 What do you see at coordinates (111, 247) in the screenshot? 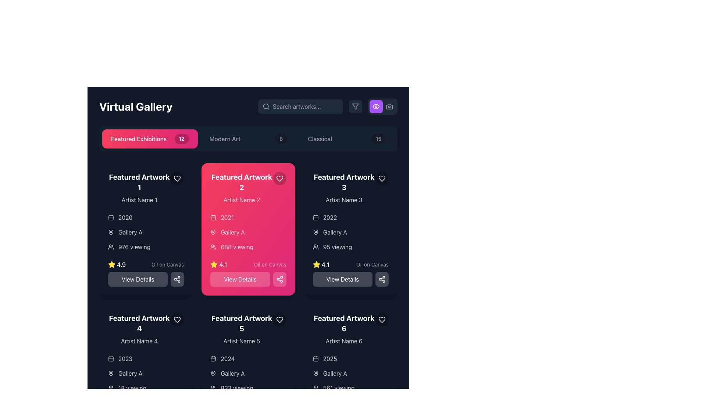
I see `the small user icon with two nested user silhouettes located to the left of the '976 viewing' text in the 'Featured Artwork 1' card` at bounding box center [111, 247].